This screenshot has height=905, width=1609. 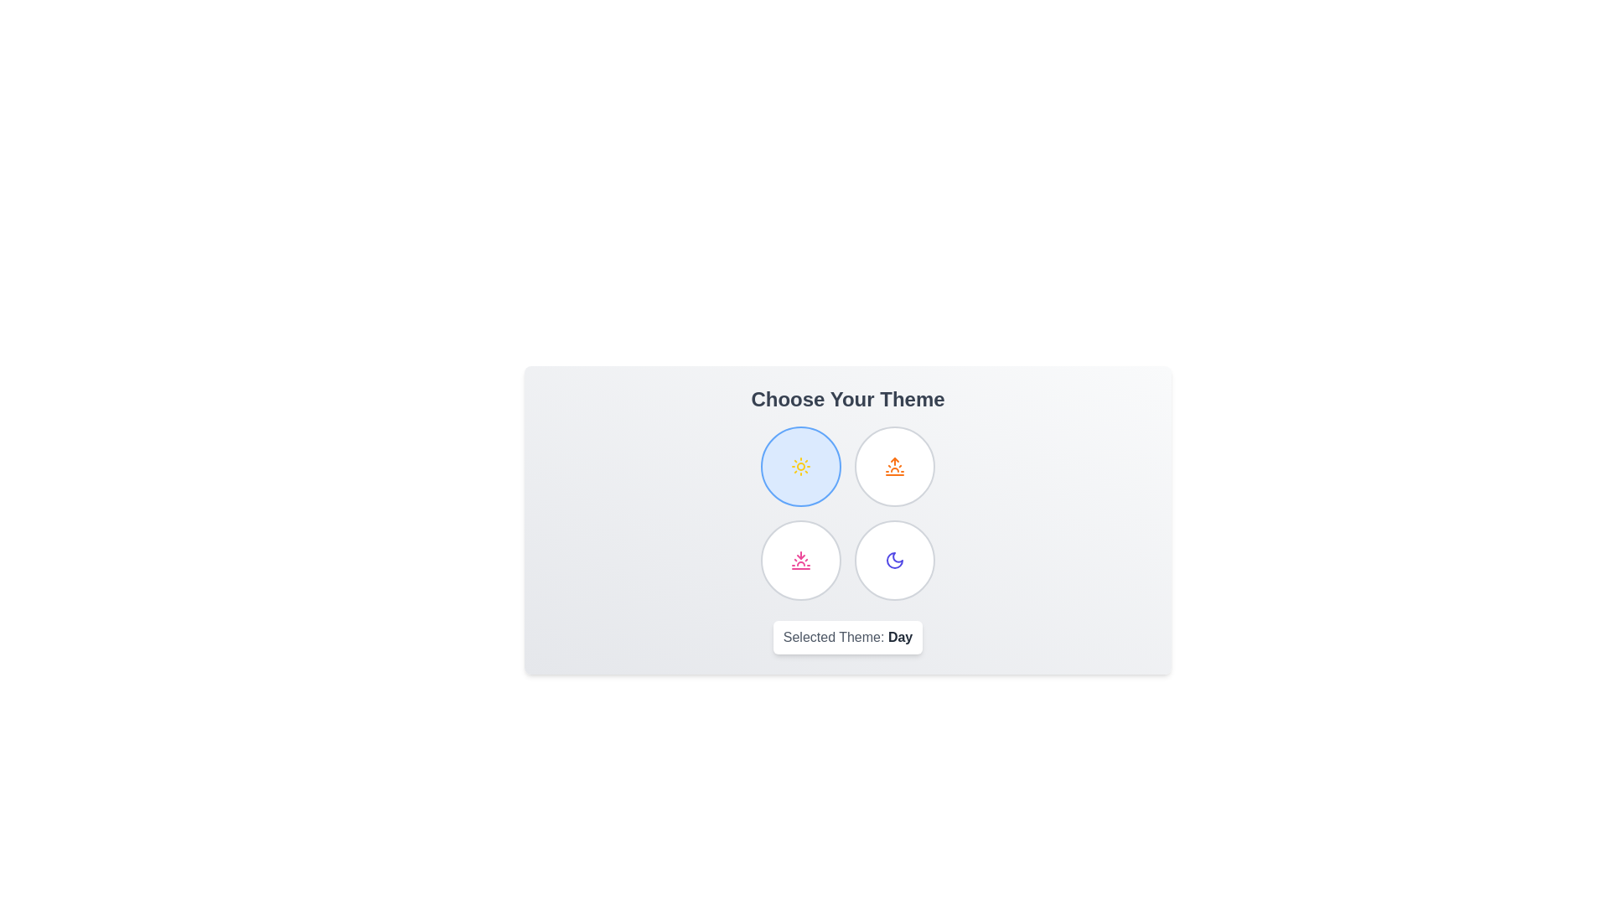 I want to click on the theme Sunset by clicking on its respective button, so click(x=799, y=560).